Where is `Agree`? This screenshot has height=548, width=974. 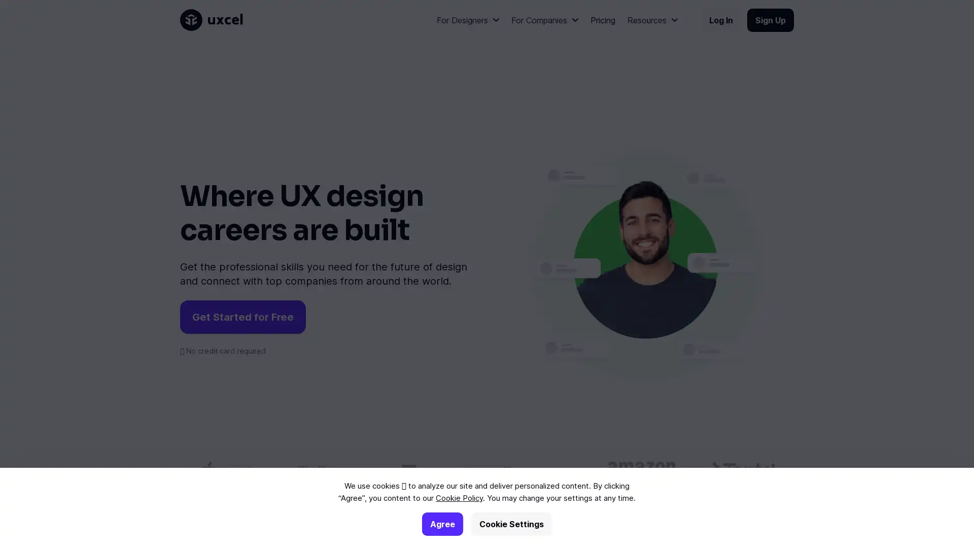 Agree is located at coordinates (442, 524).